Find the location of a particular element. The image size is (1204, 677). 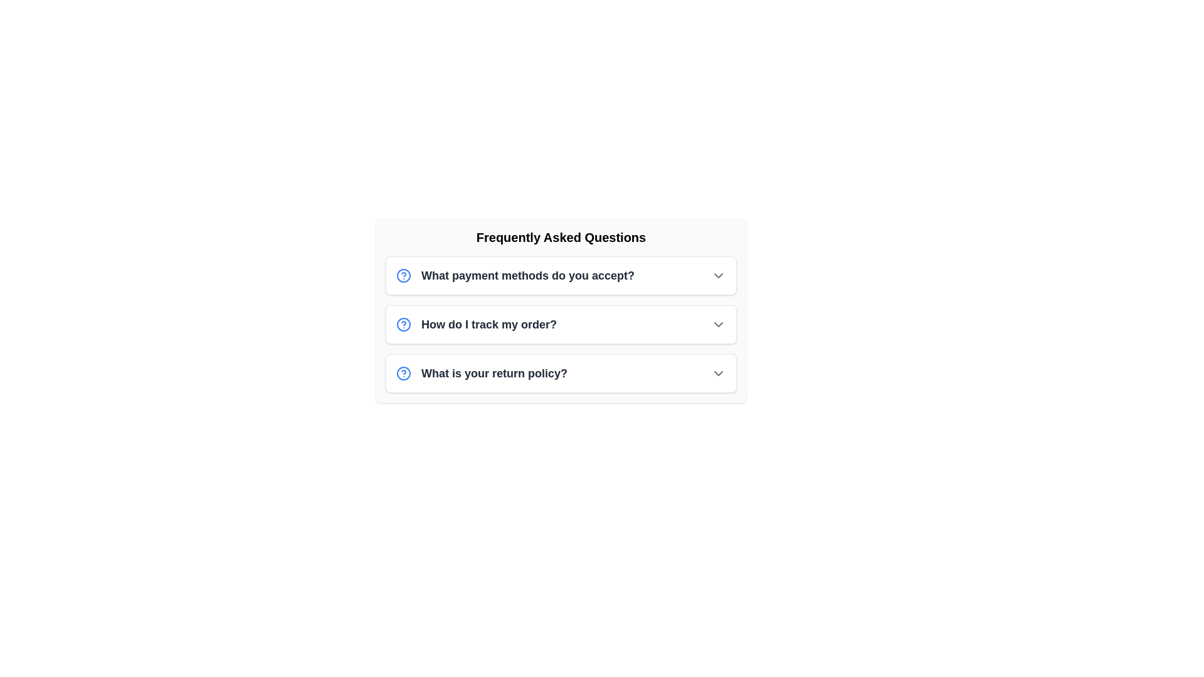

the dropdown toggle icon located at the end of the row labeled 'How do I track my order?' is located at coordinates (719, 323).